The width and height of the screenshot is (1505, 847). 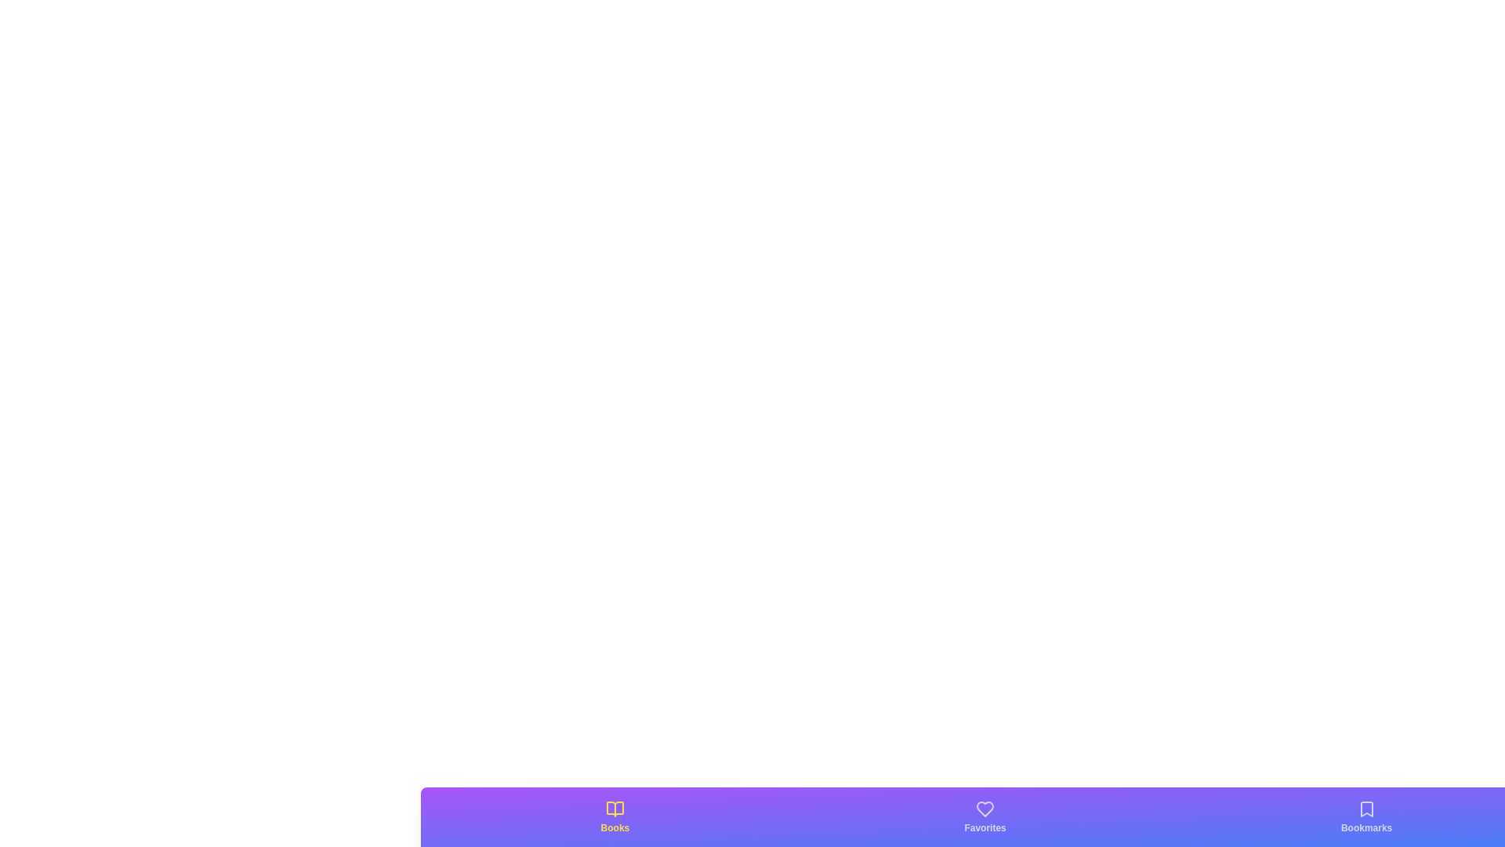 I want to click on the tab with the label Favorites, so click(x=985, y=816).